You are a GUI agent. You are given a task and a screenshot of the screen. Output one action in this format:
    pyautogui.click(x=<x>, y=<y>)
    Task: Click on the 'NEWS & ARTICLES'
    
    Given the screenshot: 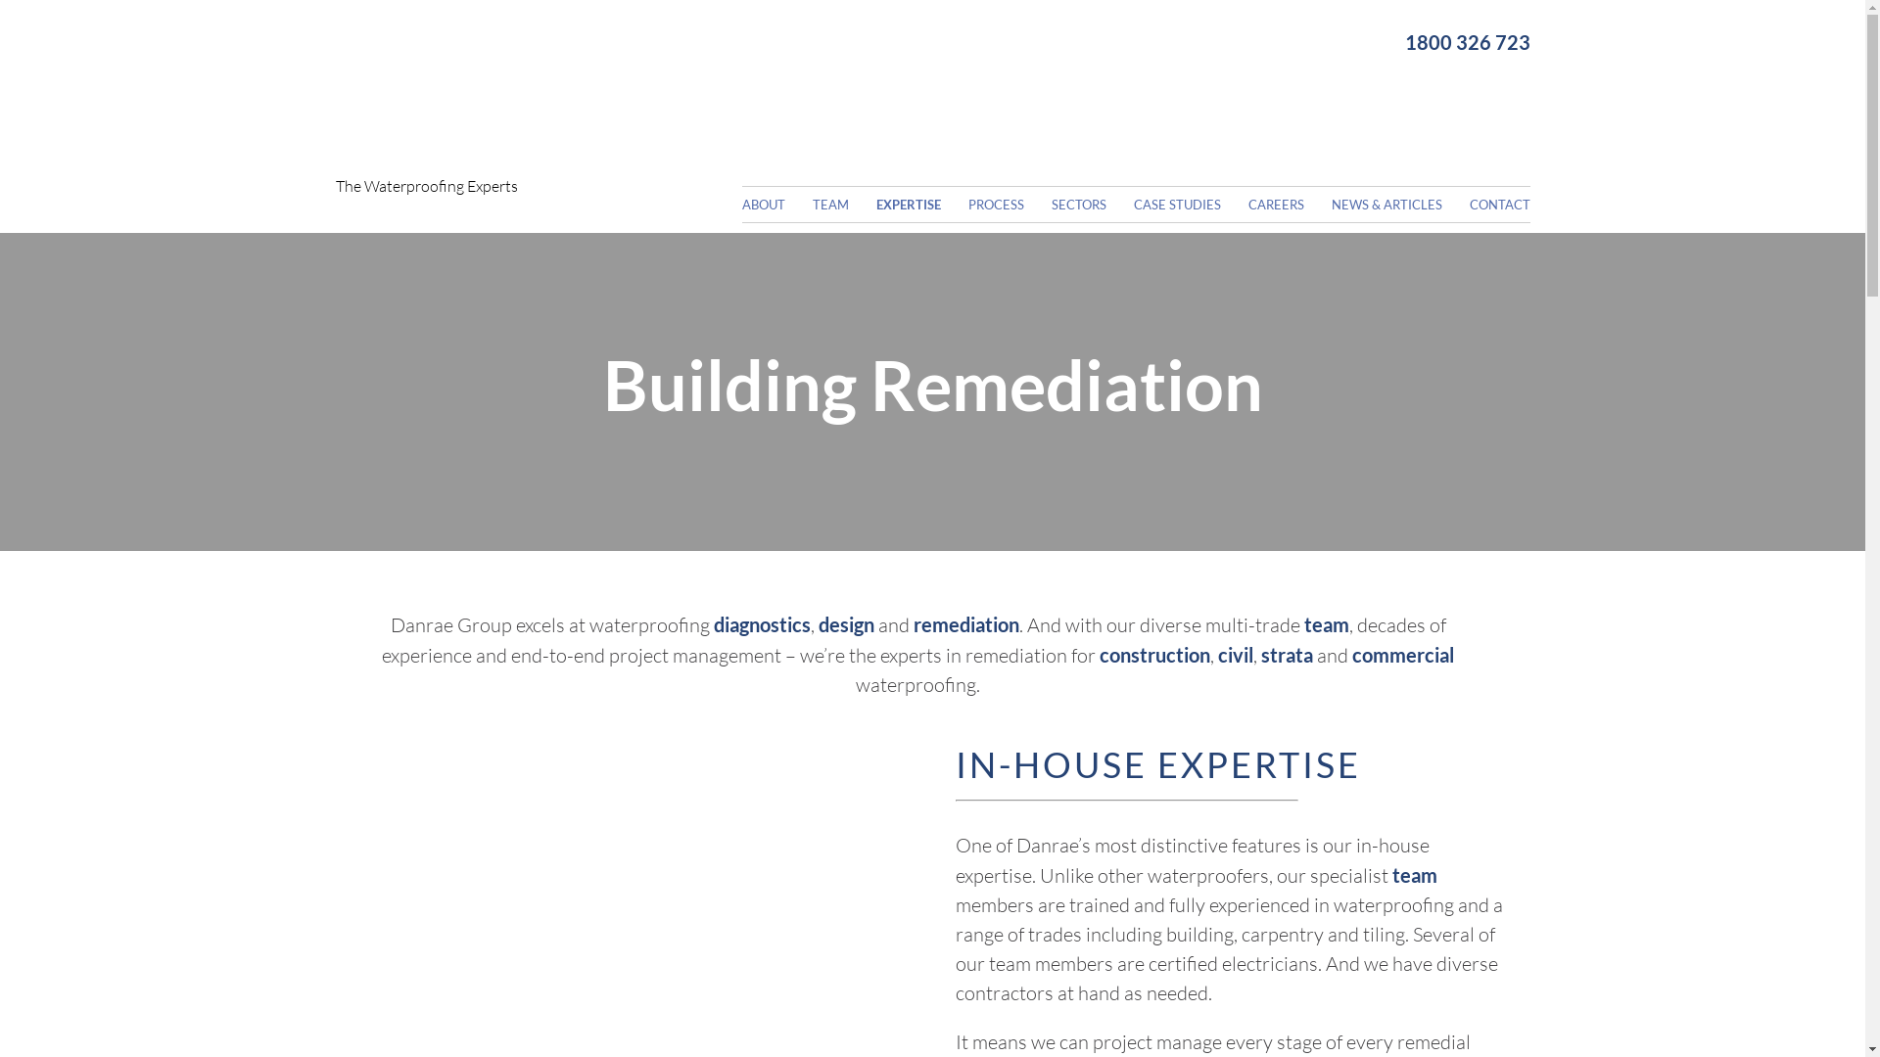 What is the action you would take?
    pyautogui.click(x=1398, y=204)
    